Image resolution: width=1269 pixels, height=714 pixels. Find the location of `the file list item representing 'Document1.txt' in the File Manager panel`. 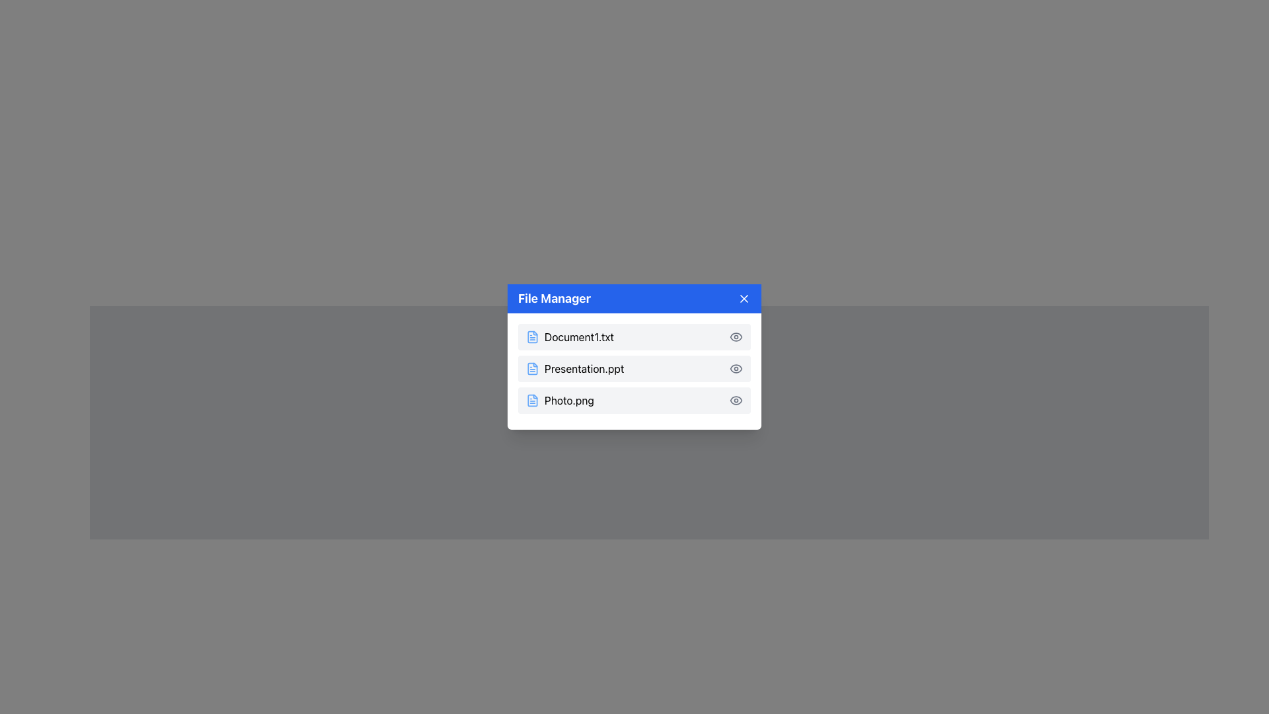

the file list item representing 'Document1.txt' in the File Manager panel is located at coordinates (570, 336).